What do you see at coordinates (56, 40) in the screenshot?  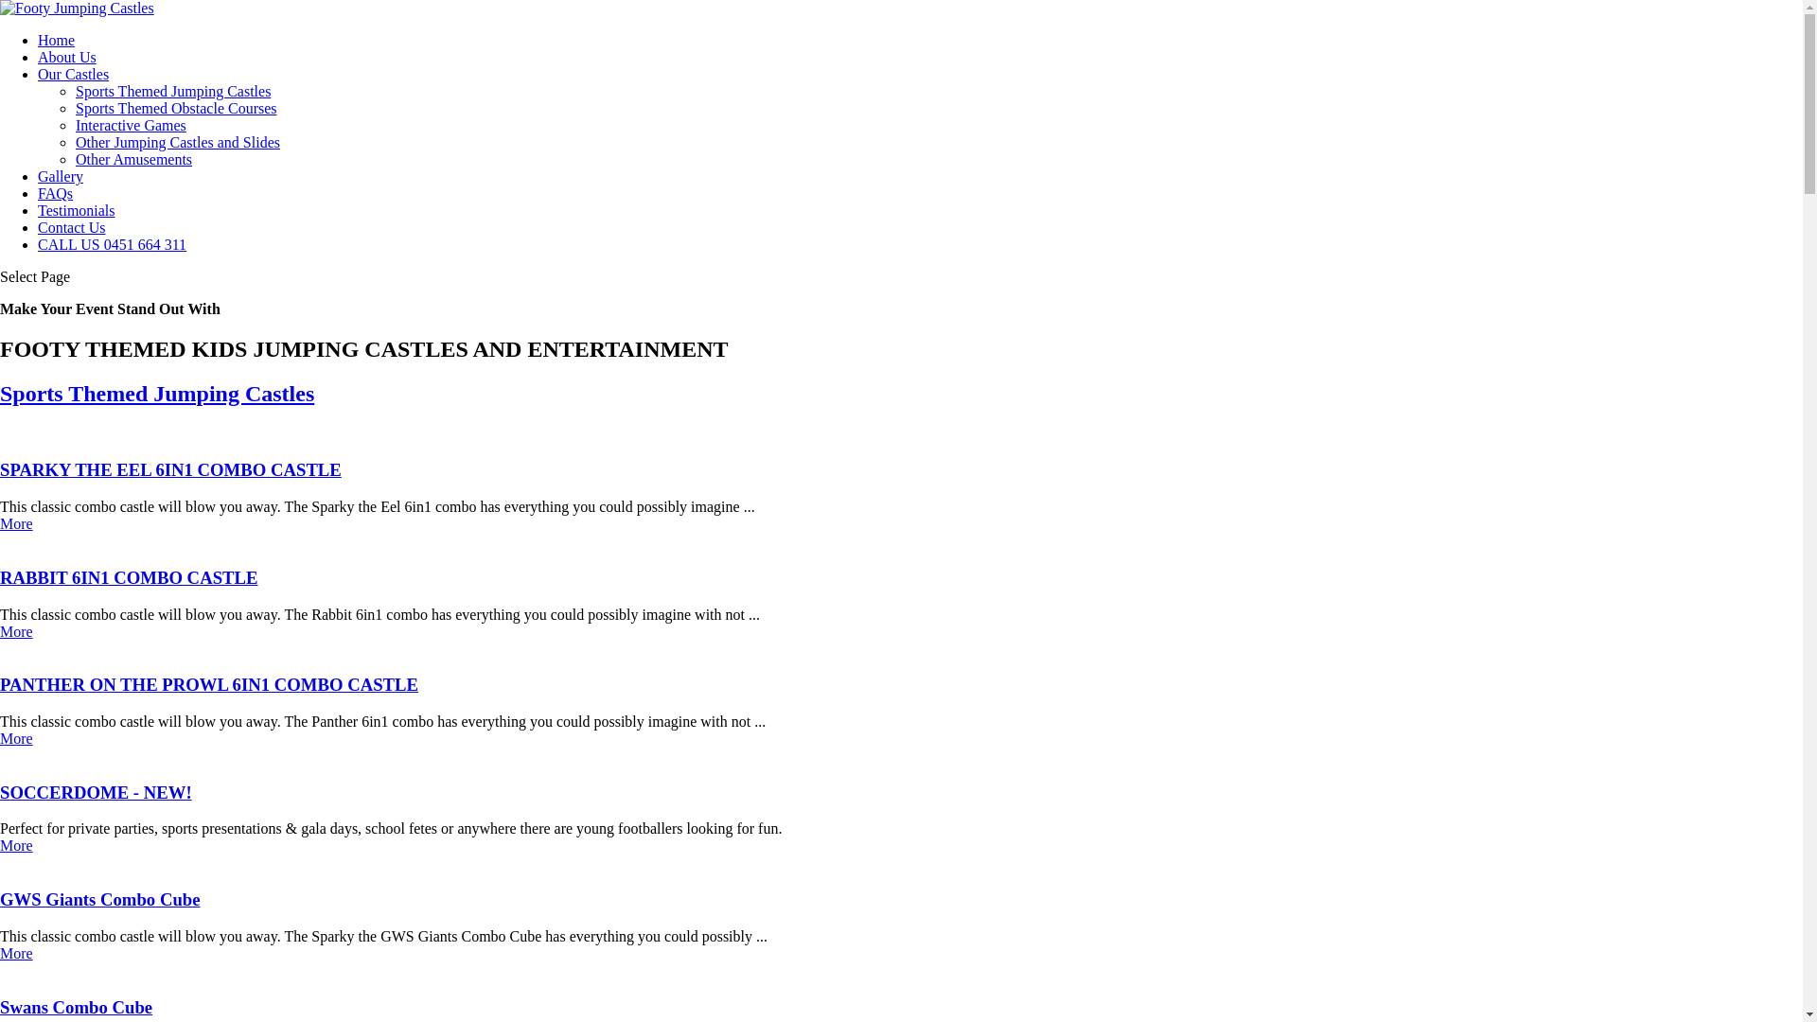 I see `'Home'` at bounding box center [56, 40].